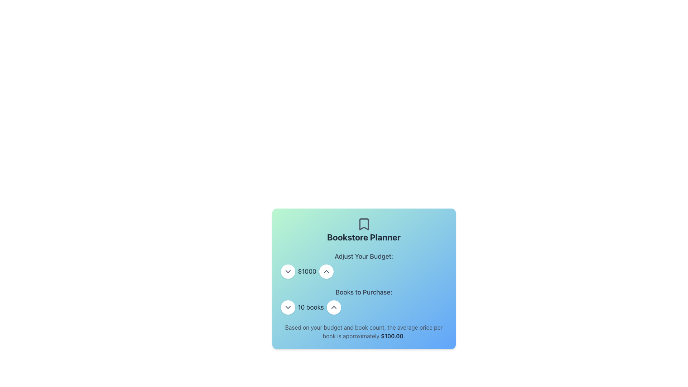 The image size is (688, 387). Describe the element at coordinates (333, 307) in the screenshot. I see `the upward-pointing chevron button located on the right side of the 'Books` at that location.